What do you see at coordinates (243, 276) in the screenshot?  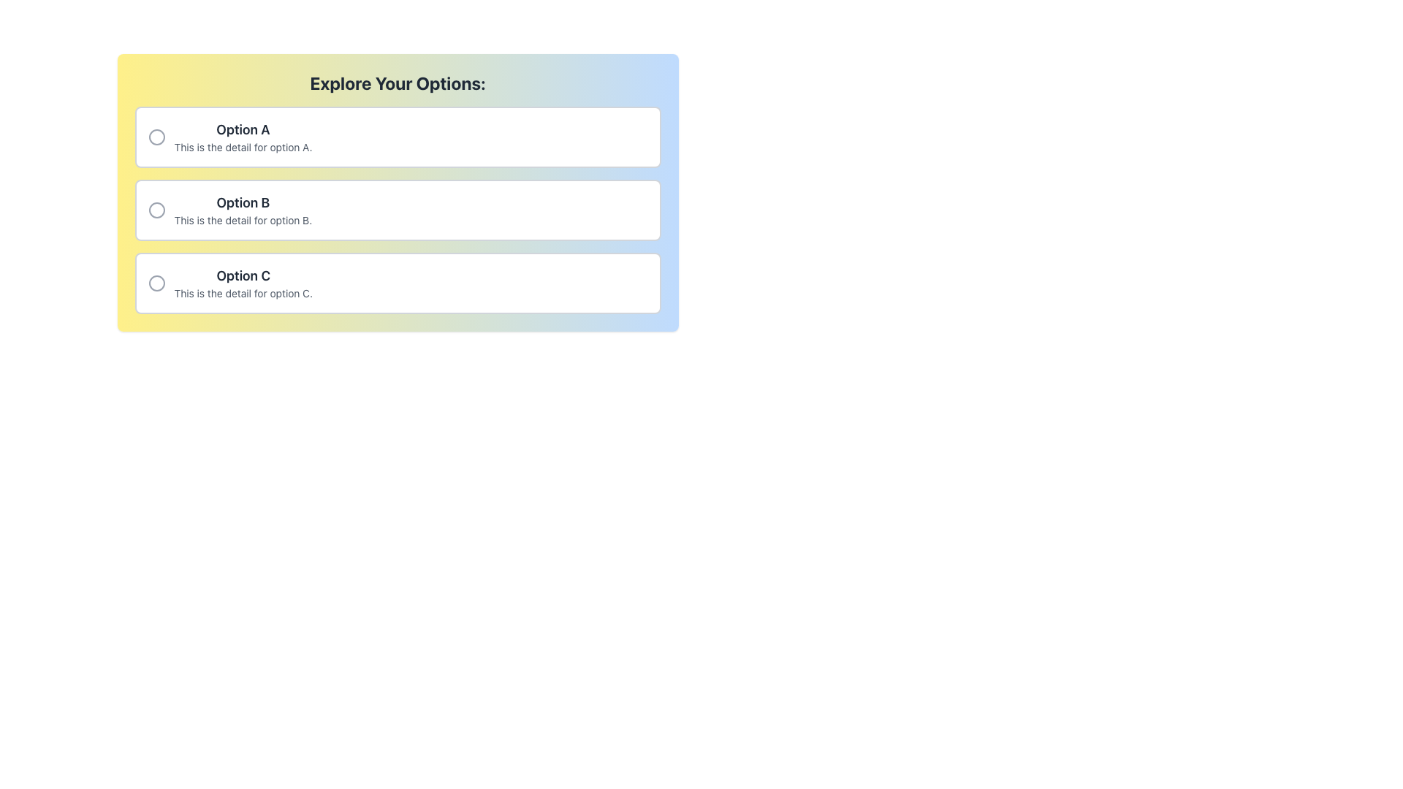 I see `the text label 'Option C' which is styled in bold and larger font` at bounding box center [243, 276].